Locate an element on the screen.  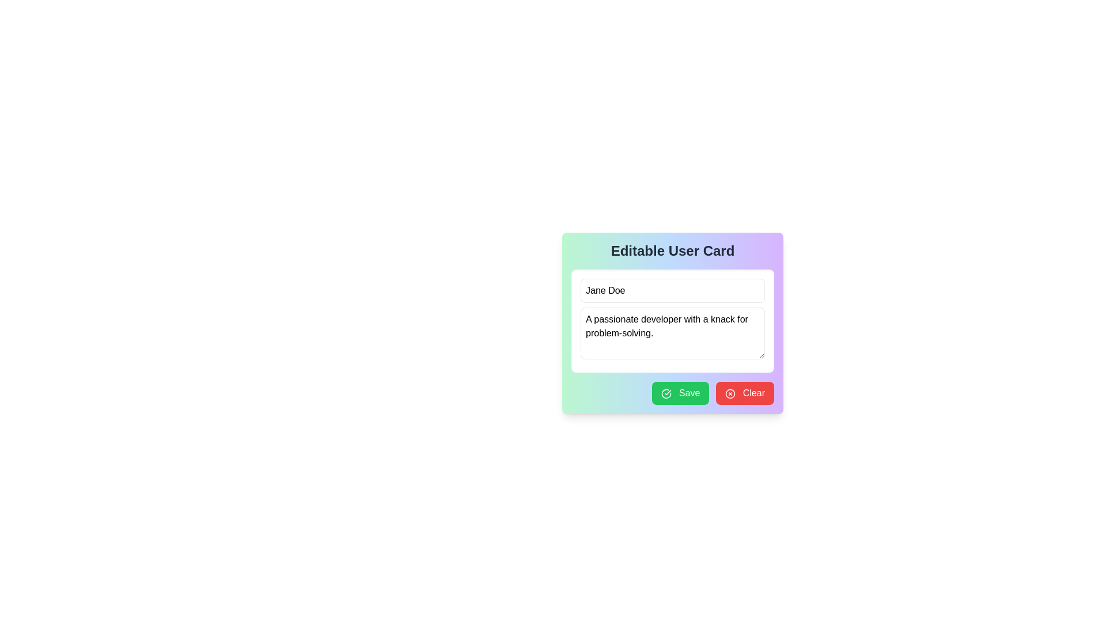
the multiline text area containing the preset text 'A passionate developer with a knack for problem-solving.' located within the 'Editable User Card' component, situated between the 'Name' input field and the 'Save' and 'Clear' buttons is located at coordinates (672, 321).